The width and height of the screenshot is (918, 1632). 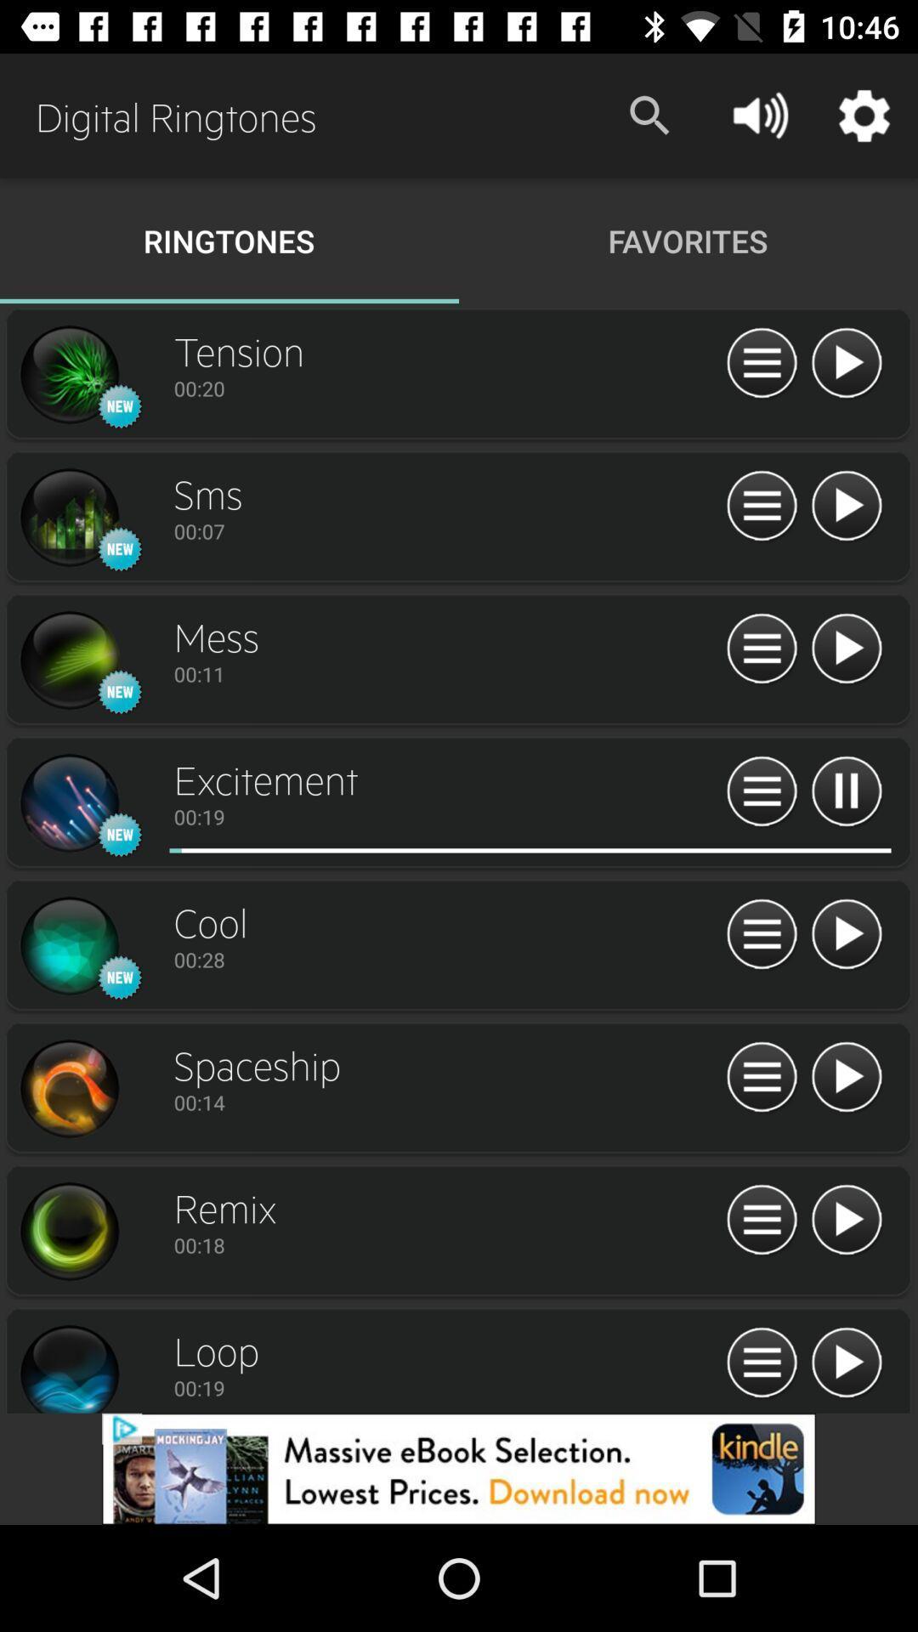 I want to click on tension ringtone, so click(x=68, y=374).